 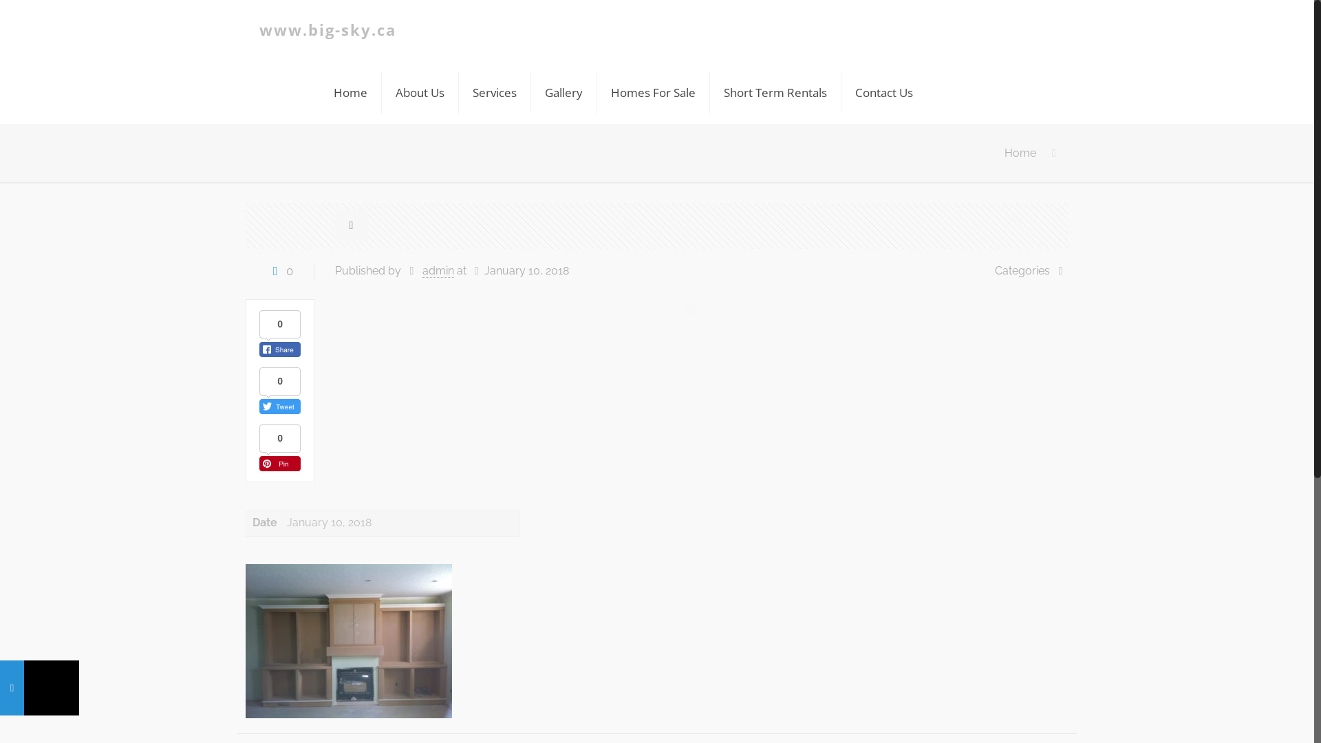 What do you see at coordinates (775, 93) in the screenshot?
I see `'Short Term Rentals'` at bounding box center [775, 93].